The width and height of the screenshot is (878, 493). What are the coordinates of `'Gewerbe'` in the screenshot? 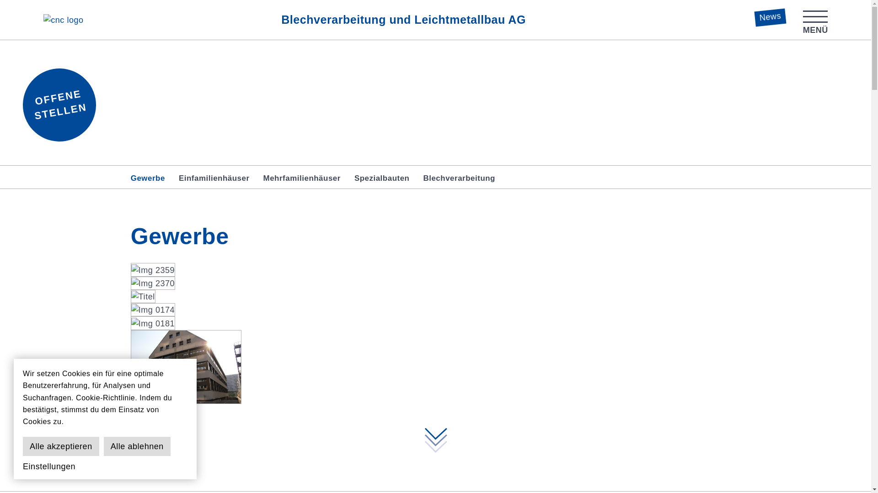 It's located at (148, 178).